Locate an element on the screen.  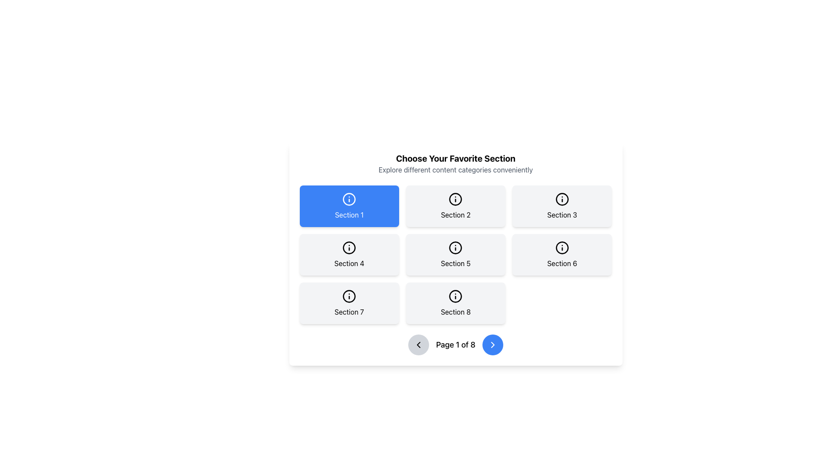
the outer circular part of the information icon within the blue button labeled 'Section 1' is located at coordinates (349, 199).